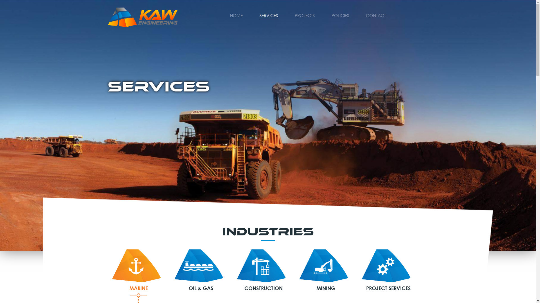 This screenshot has width=540, height=303. I want to click on 'HOME', so click(230, 15).